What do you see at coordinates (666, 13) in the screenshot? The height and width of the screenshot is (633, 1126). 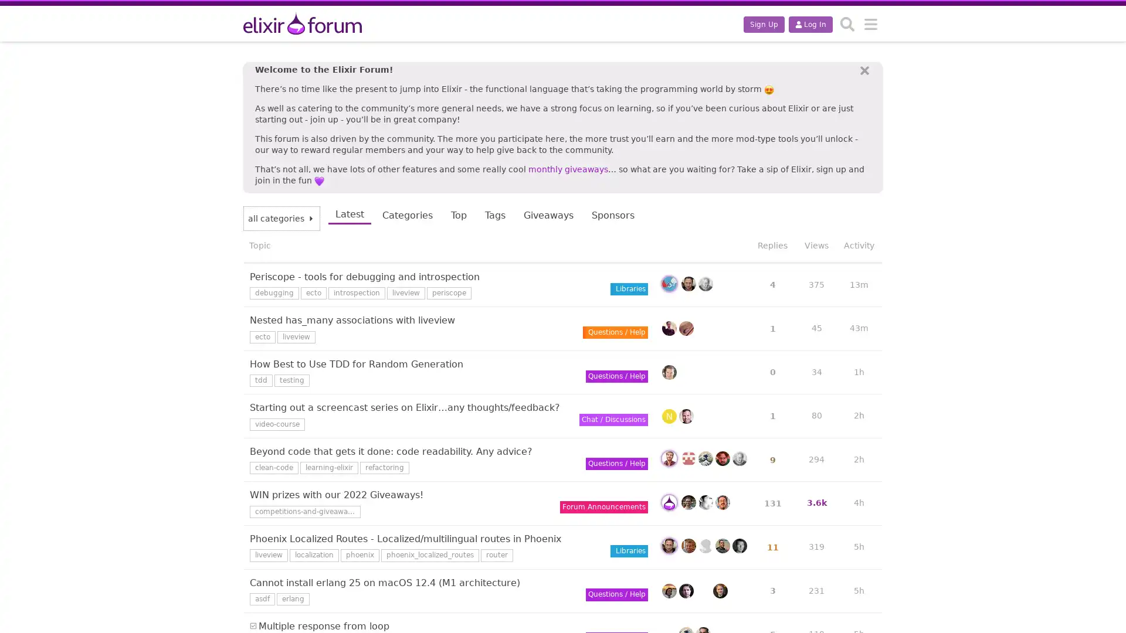 I see `This topic has 1 reply` at bounding box center [666, 13].